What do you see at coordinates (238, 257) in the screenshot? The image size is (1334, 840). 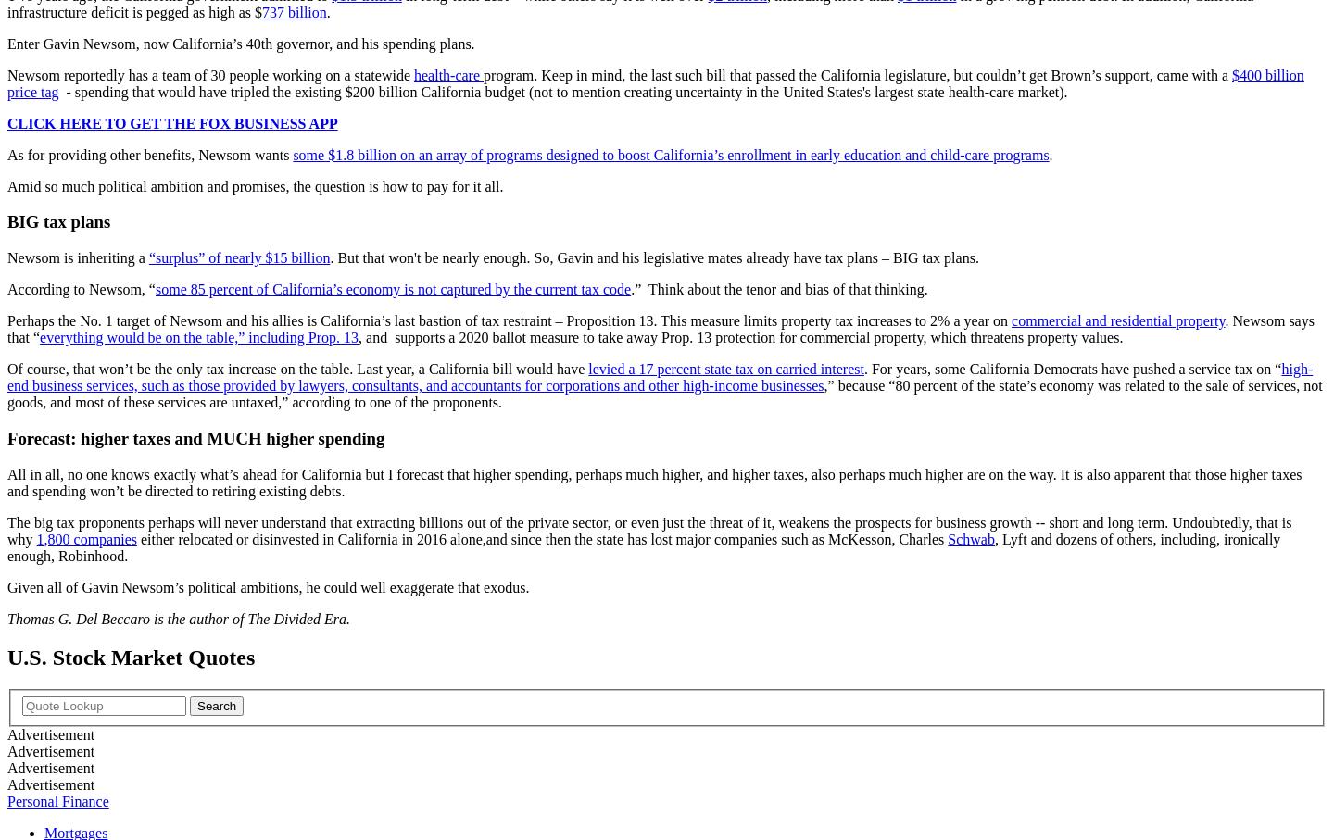 I see `'“surplus” of nearly $15 billion'` at bounding box center [238, 257].